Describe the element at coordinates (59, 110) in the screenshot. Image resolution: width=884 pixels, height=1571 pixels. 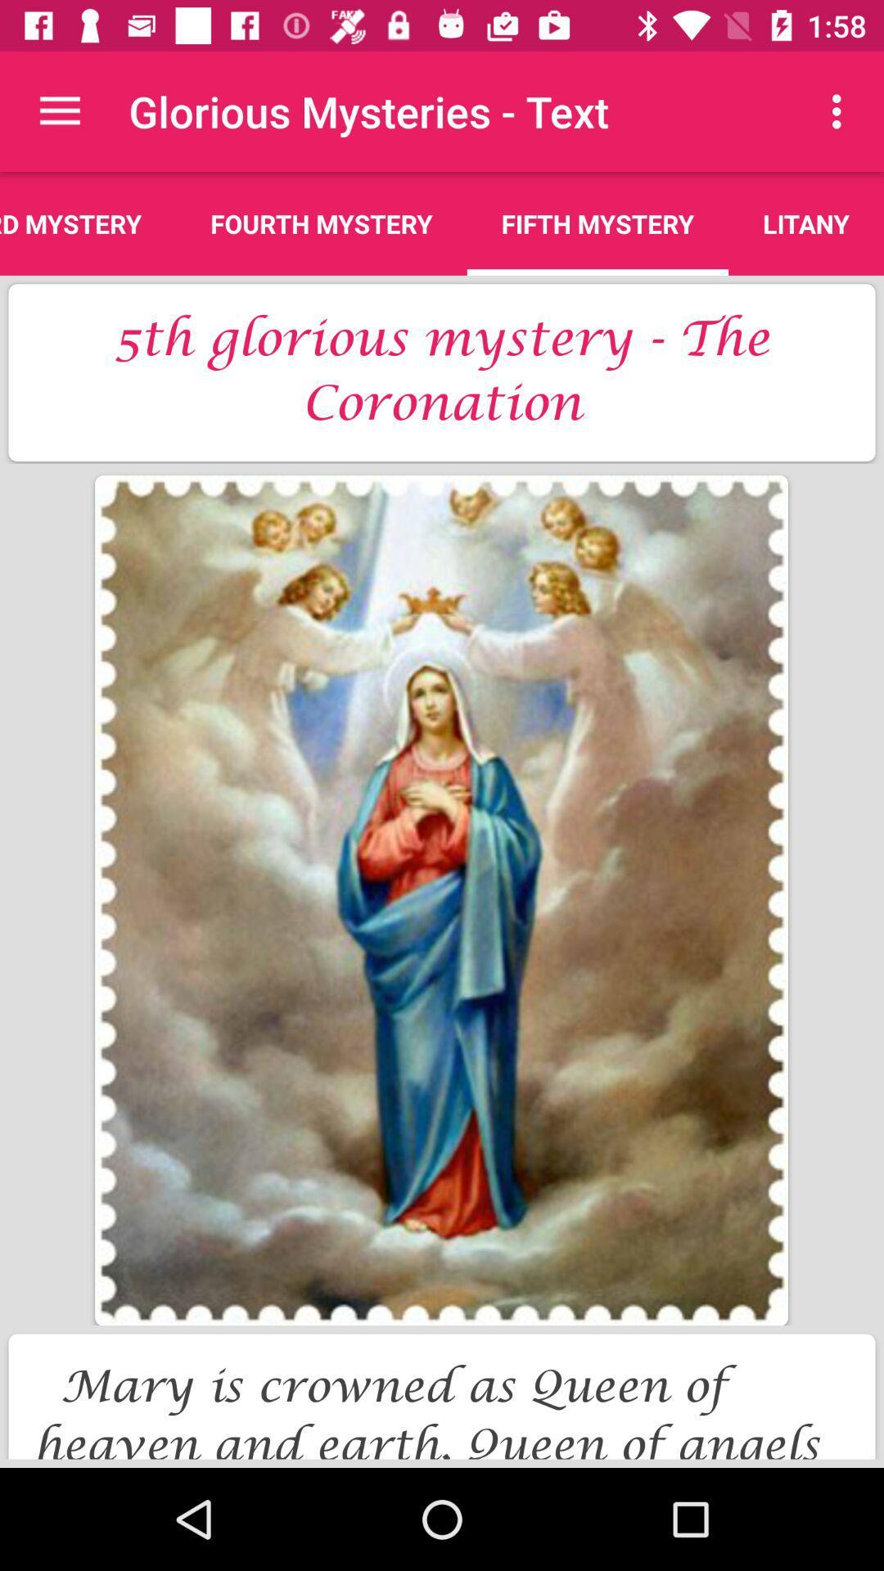
I see `item to the left of the glorious mysteries - text icon` at that location.